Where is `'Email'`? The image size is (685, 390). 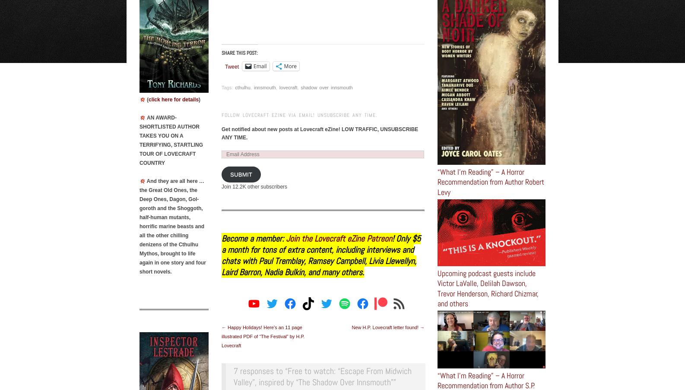 'Email' is located at coordinates (260, 65).